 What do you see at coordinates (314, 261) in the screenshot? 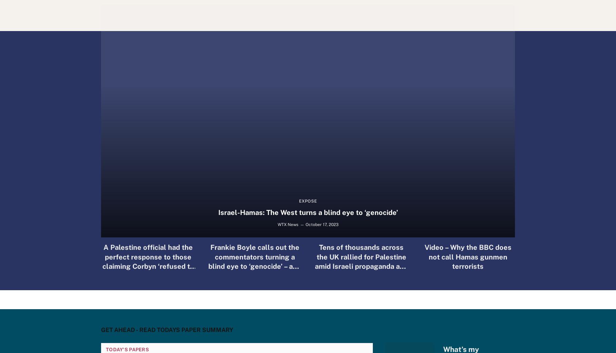
I see `'Tens of thousands across the UK rallied for Palestine amid Israeli propaganda and aggressive cops'` at bounding box center [314, 261].